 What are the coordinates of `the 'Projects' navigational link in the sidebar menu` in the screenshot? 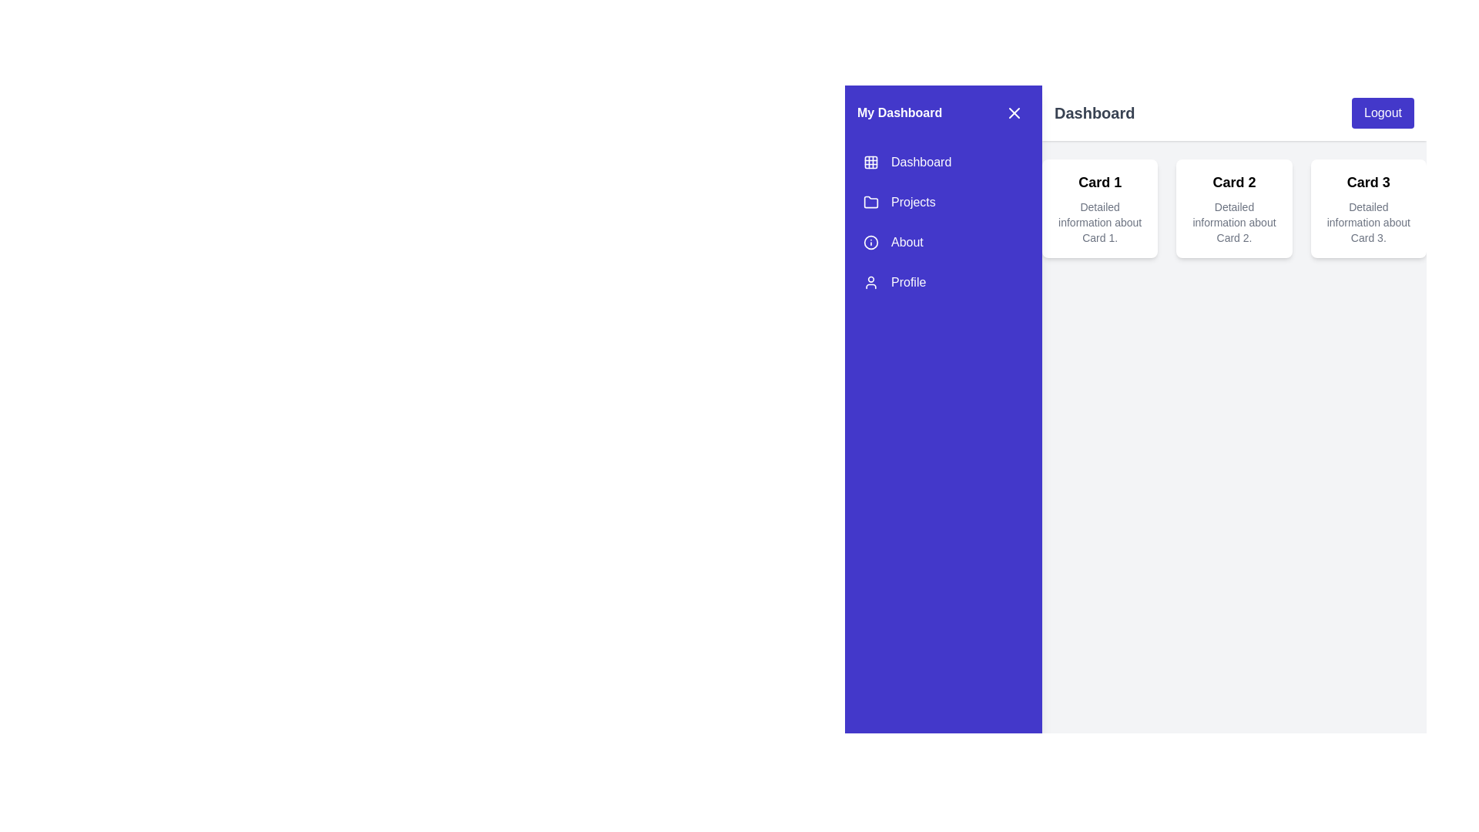 It's located at (942, 223).